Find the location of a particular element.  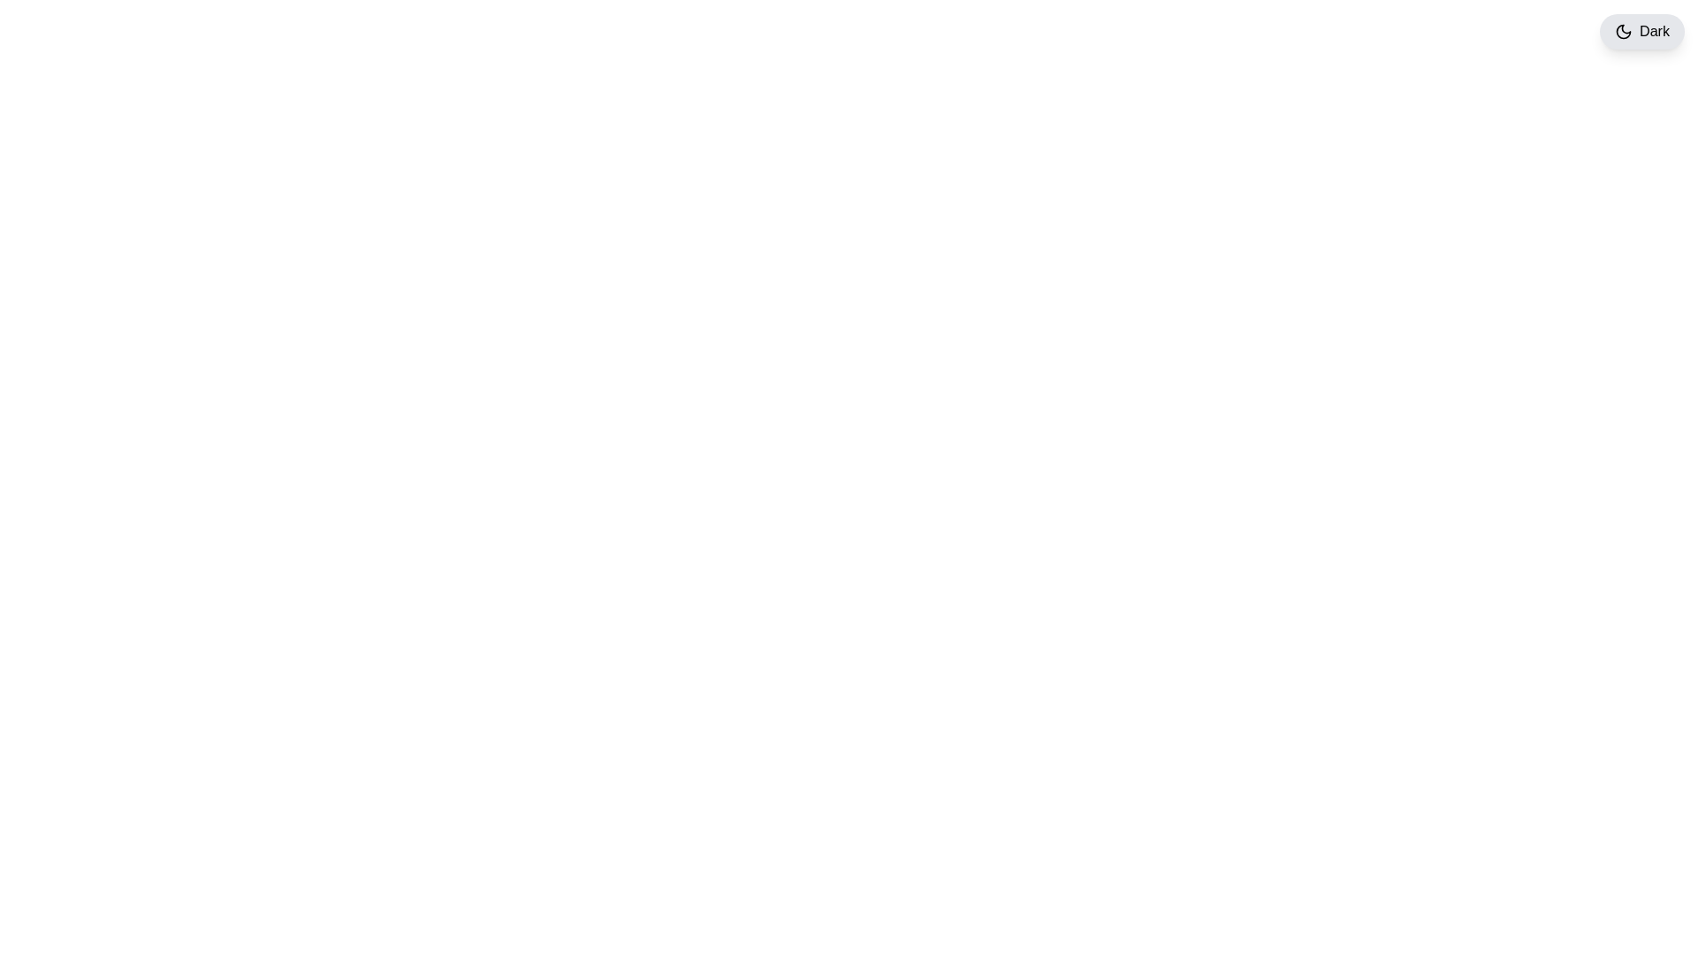

the theme toggle button to switch the theme is located at coordinates (1641, 31).